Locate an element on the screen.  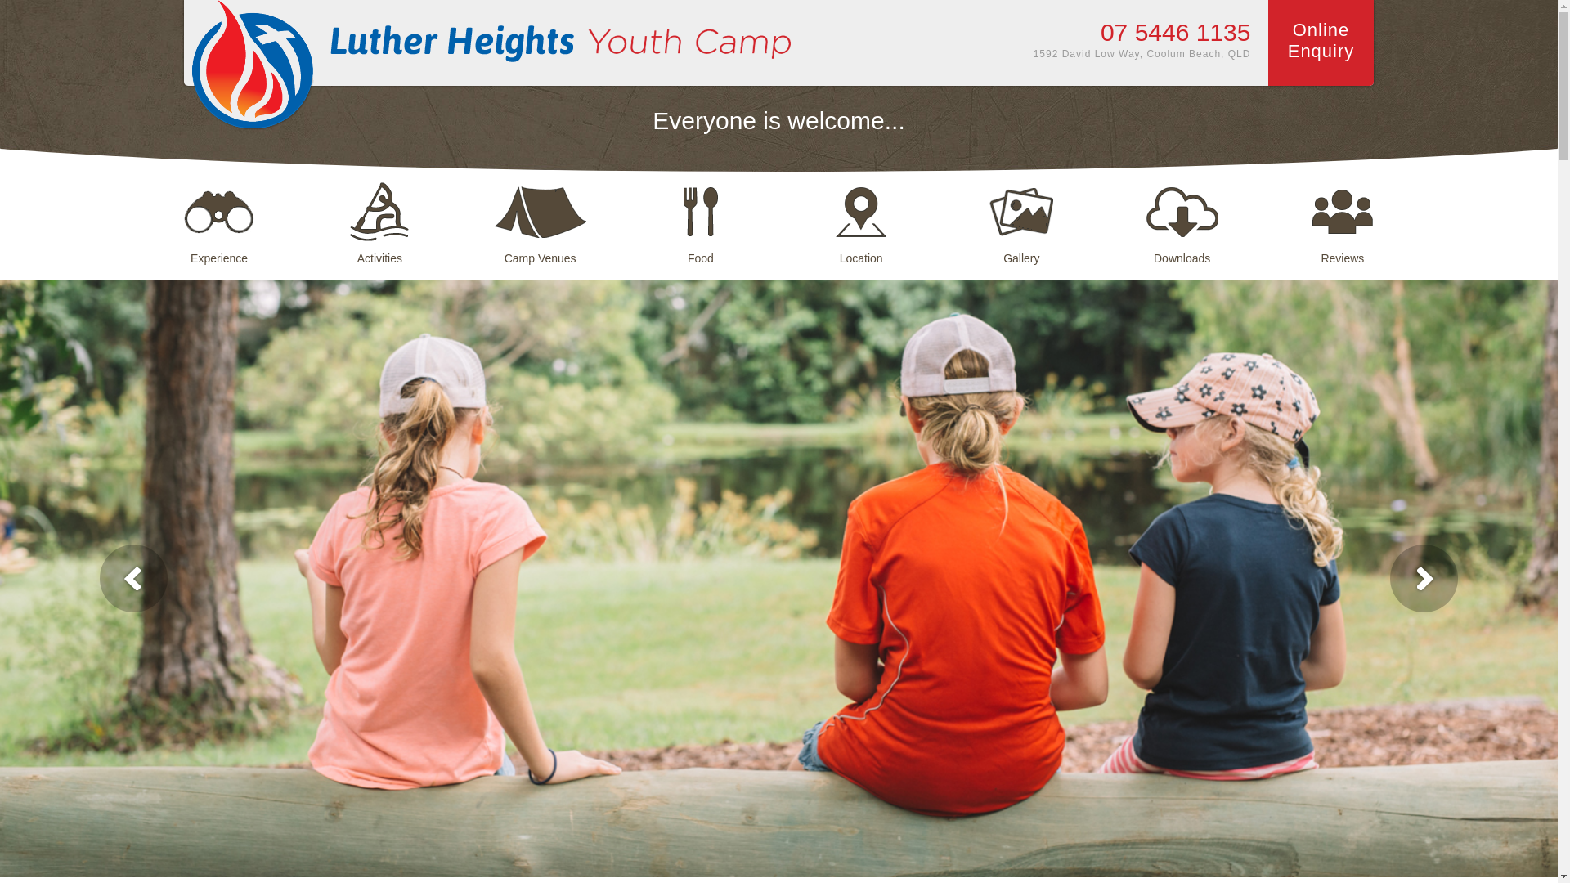
'Food' is located at coordinates (701, 213).